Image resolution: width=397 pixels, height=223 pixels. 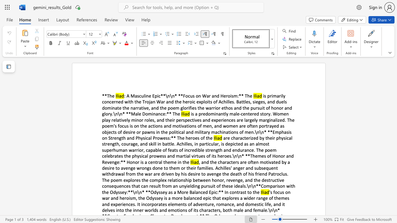 What do you see at coordinates (276, 107) in the screenshot?
I see `the subset text "nor" within the text "is primarily concerned with the Trojan War and the heroic exploits of Achilles. Battles, sieges, and duels dominate the narrative, and the poem glorifies the warrior ethos and the pursuit of honor and glory.\n\n* **Male Dominance:** The"` at bounding box center [276, 107].